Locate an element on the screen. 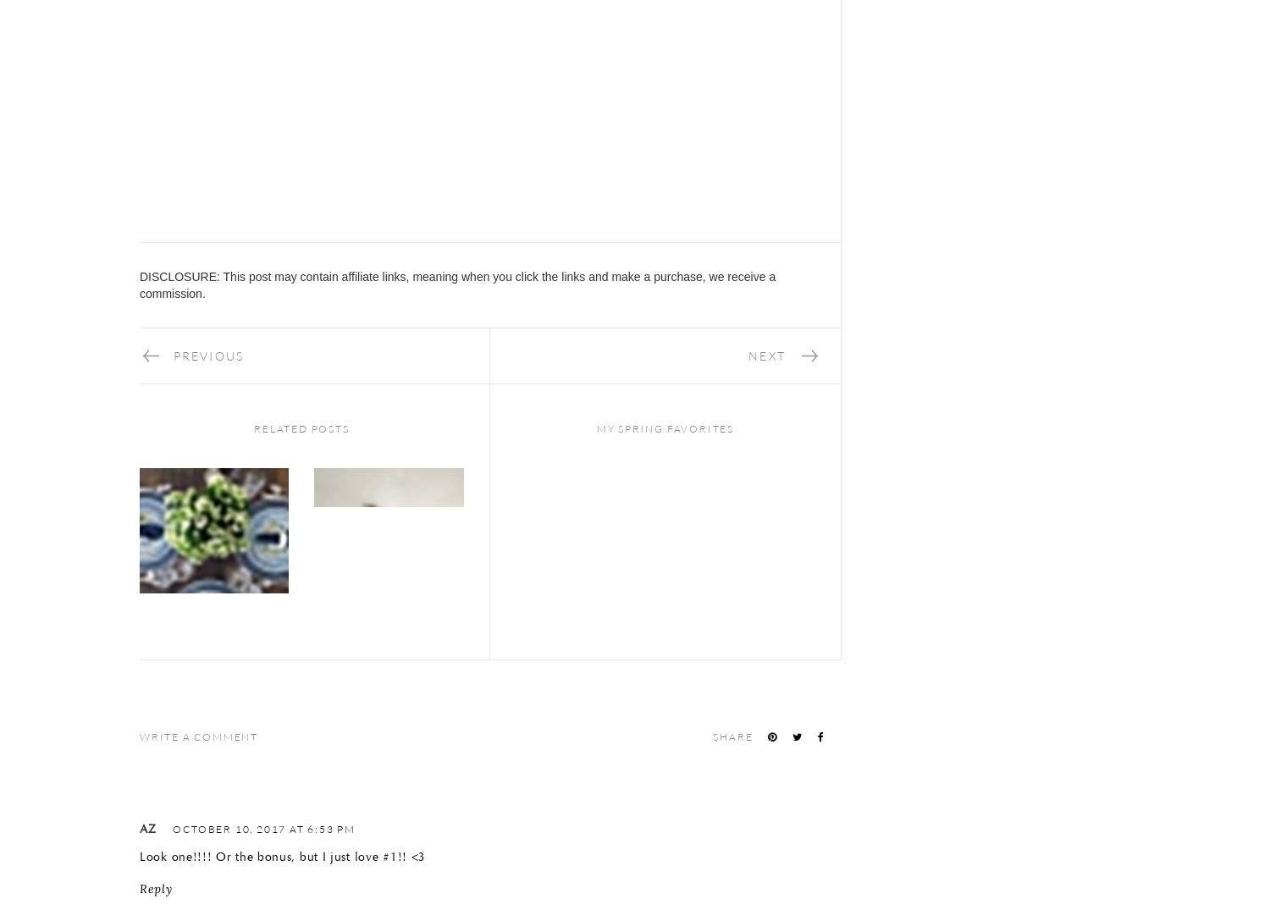  'Look one!!!! Or the bonus, but I just love #1!! <3' is located at coordinates (282, 856).